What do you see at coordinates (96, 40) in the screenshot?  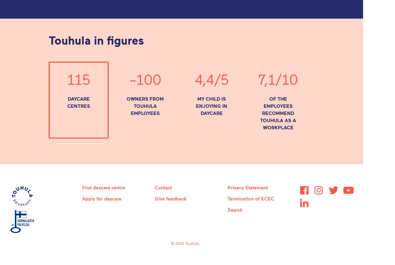 I see `'Touhula in figures'` at bounding box center [96, 40].